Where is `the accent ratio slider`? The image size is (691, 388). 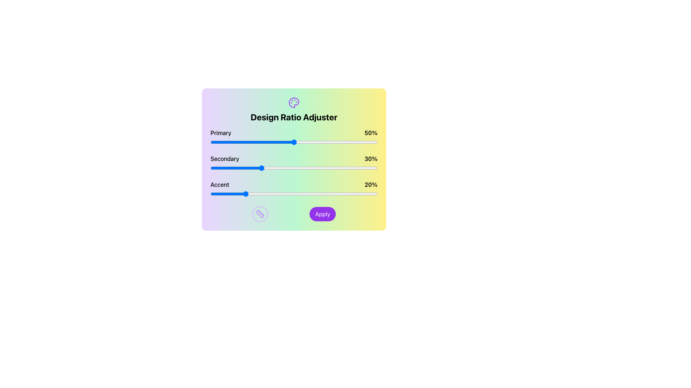 the accent ratio slider is located at coordinates (259, 194).